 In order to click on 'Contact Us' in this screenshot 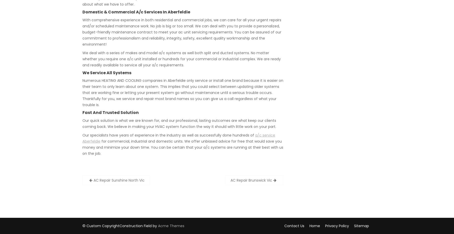, I will do `click(284, 226)`.